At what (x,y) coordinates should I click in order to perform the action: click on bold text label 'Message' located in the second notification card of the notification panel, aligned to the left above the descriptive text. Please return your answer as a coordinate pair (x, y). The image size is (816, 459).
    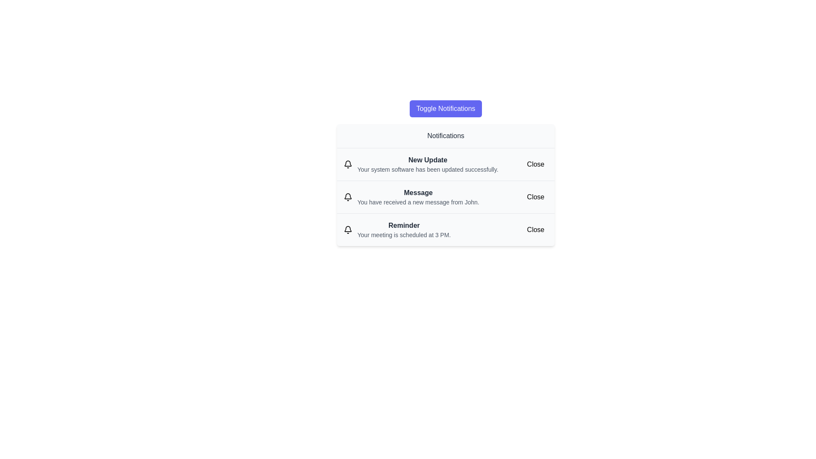
    Looking at the image, I should click on (418, 193).